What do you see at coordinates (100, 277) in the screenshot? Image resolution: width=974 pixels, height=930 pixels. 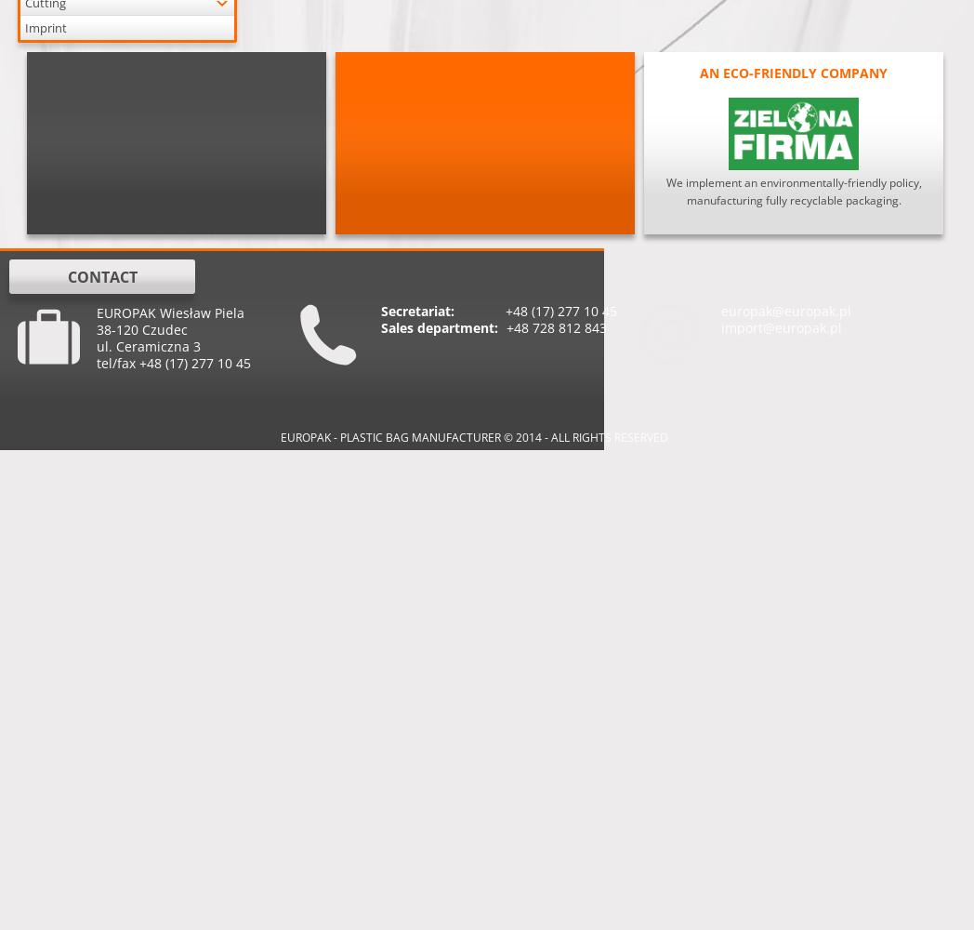 I see `'CONTACT'` at bounding box center [100, 277].